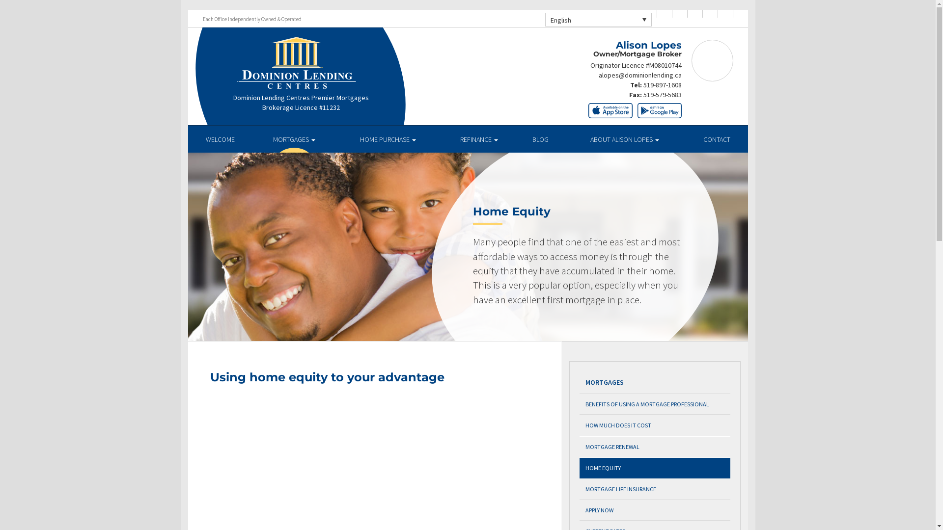 The height and width of the screenshot is (530, 943). What do you see at coordinates (662, 94) in the screenshot?
I see `'519-579-5683'` at bounding box center [662, 94].